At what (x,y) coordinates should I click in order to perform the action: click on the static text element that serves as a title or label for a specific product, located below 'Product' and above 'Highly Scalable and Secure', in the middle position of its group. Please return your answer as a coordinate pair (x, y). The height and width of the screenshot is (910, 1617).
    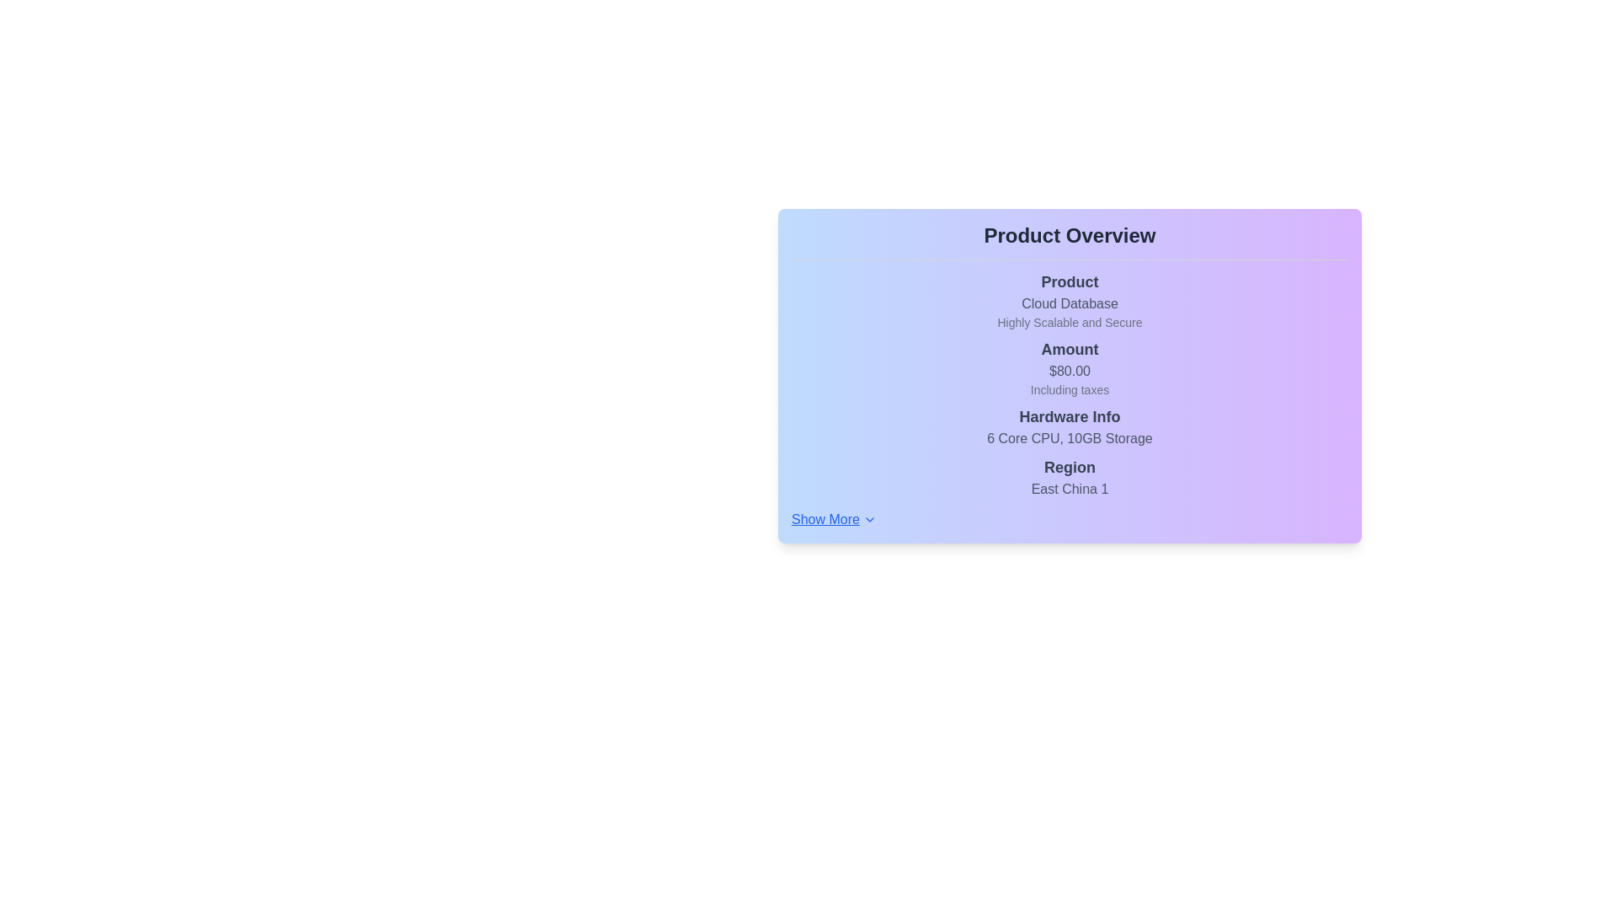
    Looking at the image, I should click on (1069, 304).